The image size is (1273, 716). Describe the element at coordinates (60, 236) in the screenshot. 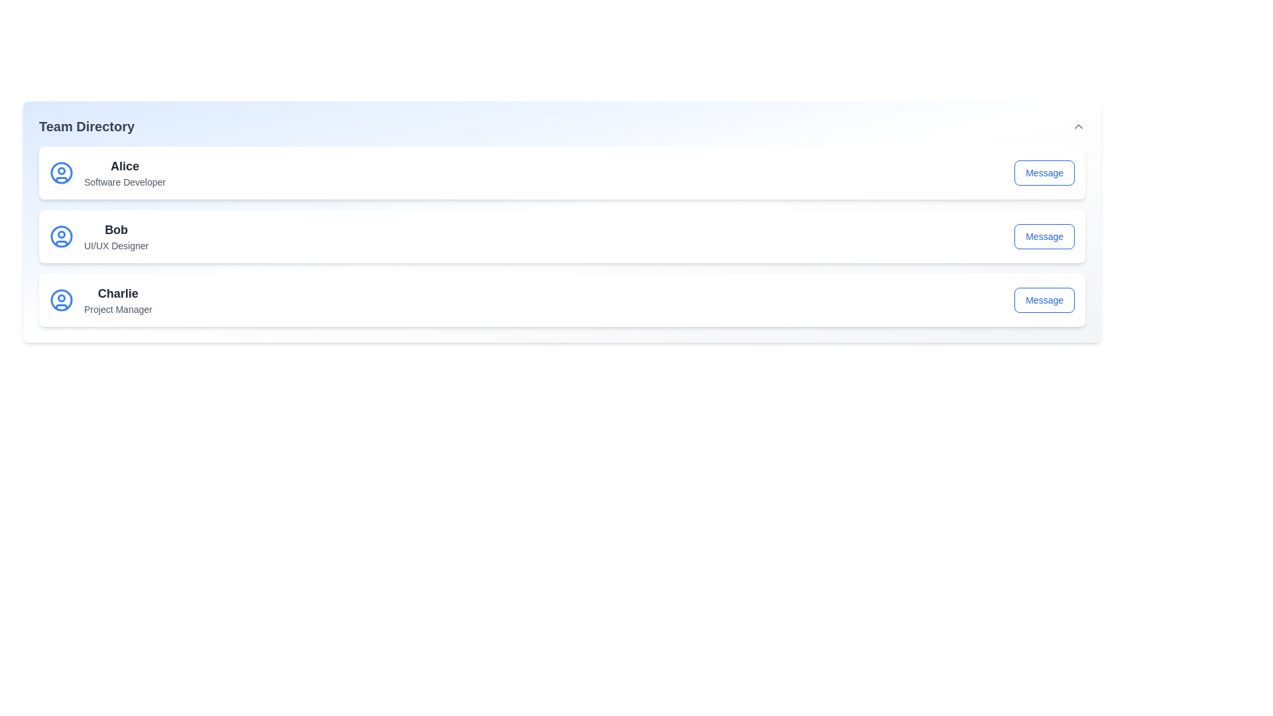

I see `the icon representing the user 'Bob', which is located within the listing titled 'Bob UI/UX Designer' on the left side, adjacent to the text starting with 'Bob'` at that location.